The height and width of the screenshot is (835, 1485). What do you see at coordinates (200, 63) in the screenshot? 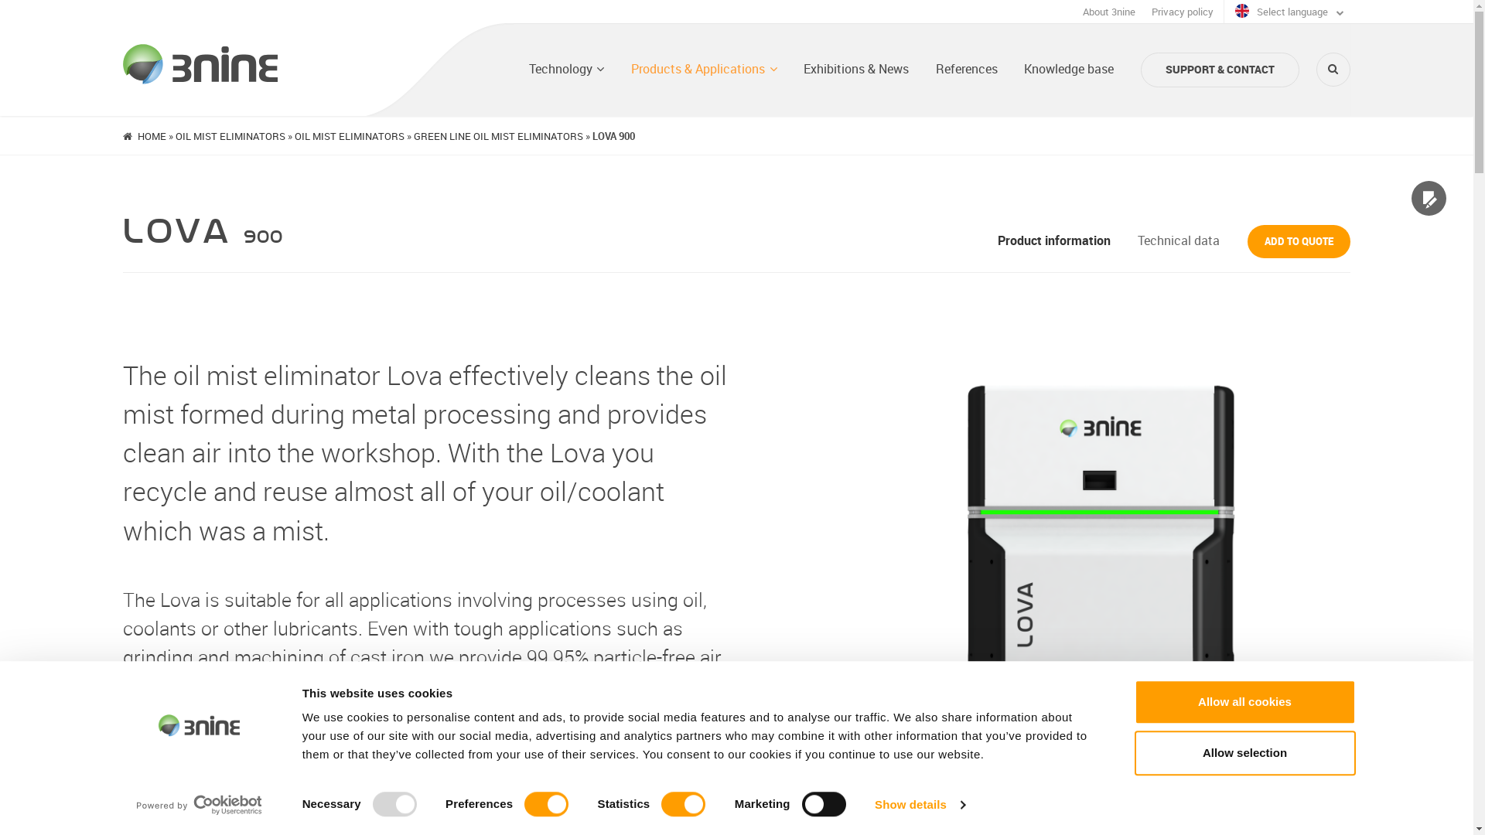
I see `'3nine'` at bounding box center [200, 63].